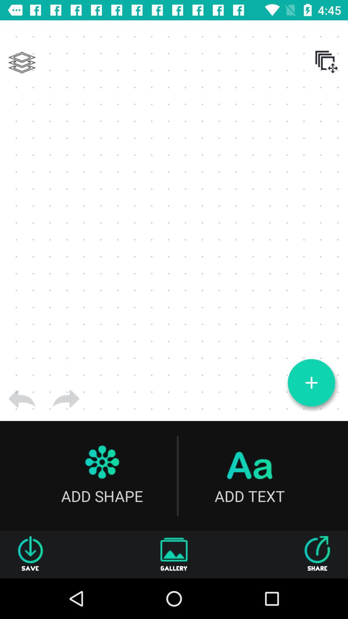 This screenshot has height=619, width=348. Describe the element at coordinates (101, 476) in the screenshot. I see `add shape icon` at that location.